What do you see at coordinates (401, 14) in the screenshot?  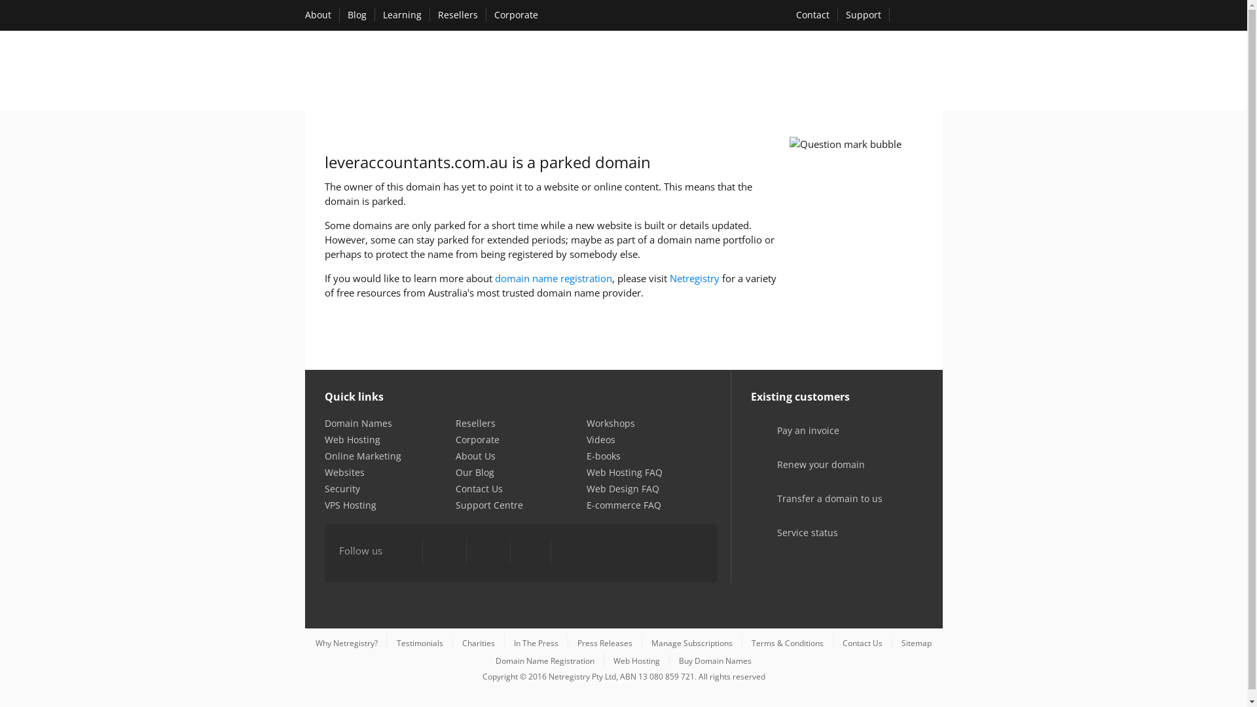 I see `'Learning'` at bounding box center [401, 14].